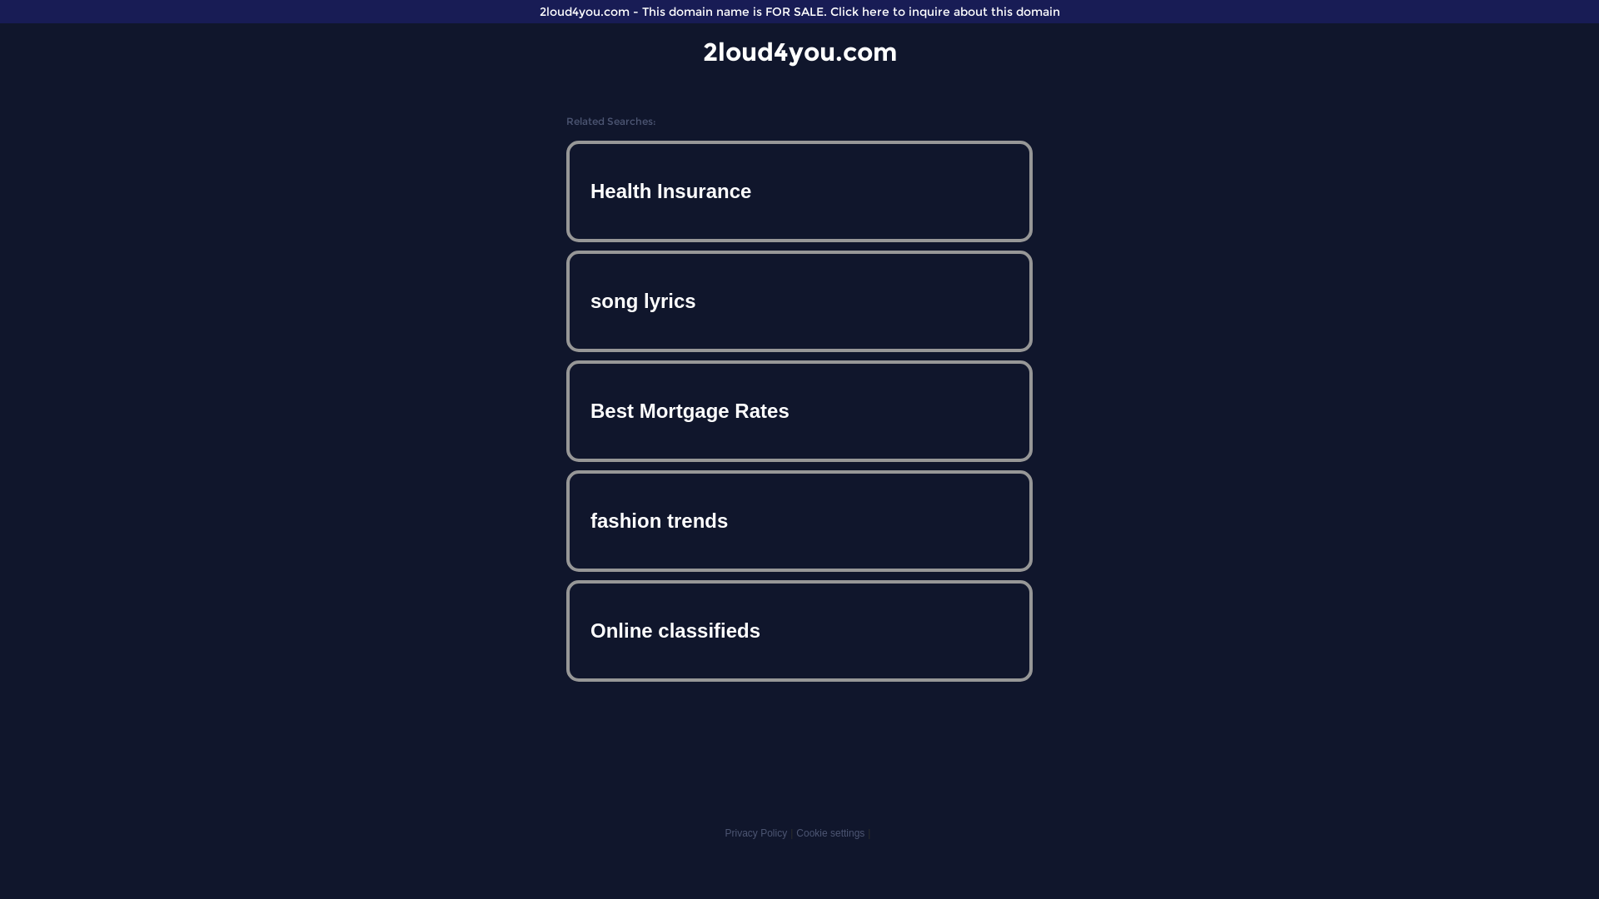  I want to click on 'Online classifieds', so click(799, 631).